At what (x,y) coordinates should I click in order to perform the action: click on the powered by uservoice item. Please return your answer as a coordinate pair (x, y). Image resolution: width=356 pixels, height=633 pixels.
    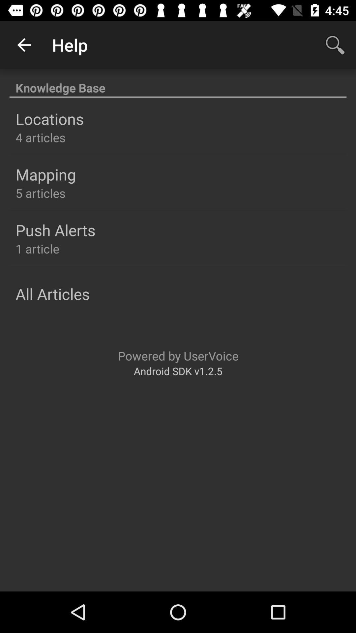
    Looking at the image, I should click on (178, 355).